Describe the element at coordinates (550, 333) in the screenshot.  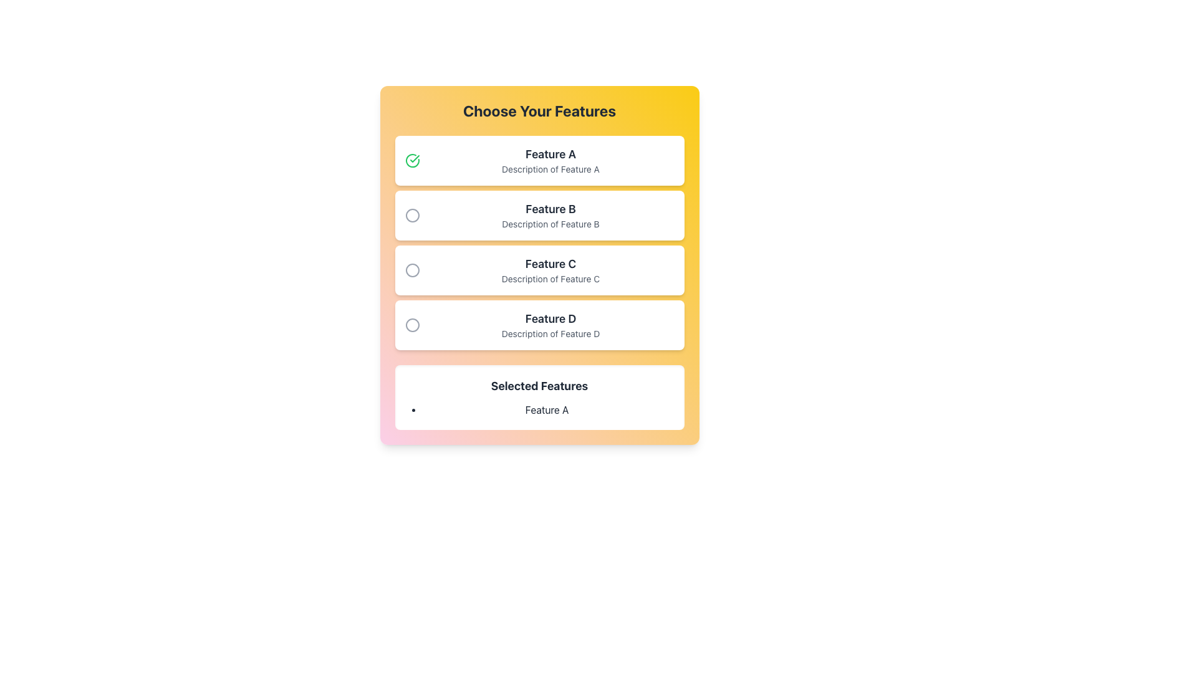
I see `the static text label providing information for 'Feature D', located under its title in the feature selection section` at that location.